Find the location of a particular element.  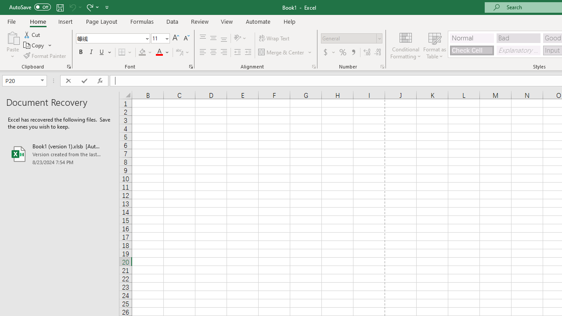

'Copy' is located at coordinates (34, 45).